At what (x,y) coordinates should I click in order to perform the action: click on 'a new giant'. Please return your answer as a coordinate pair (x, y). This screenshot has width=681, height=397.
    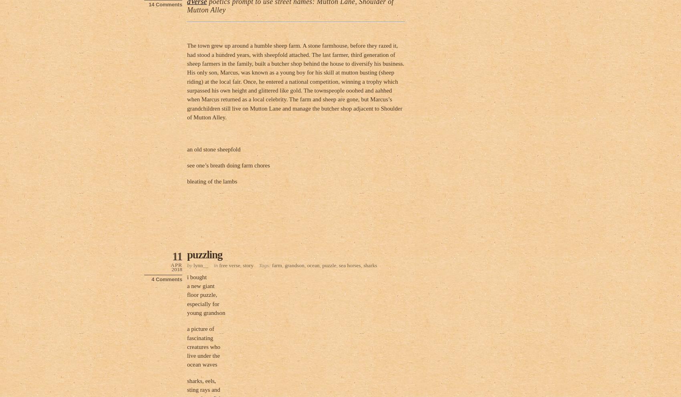
    Looking at the image, I should click on (200, 286).